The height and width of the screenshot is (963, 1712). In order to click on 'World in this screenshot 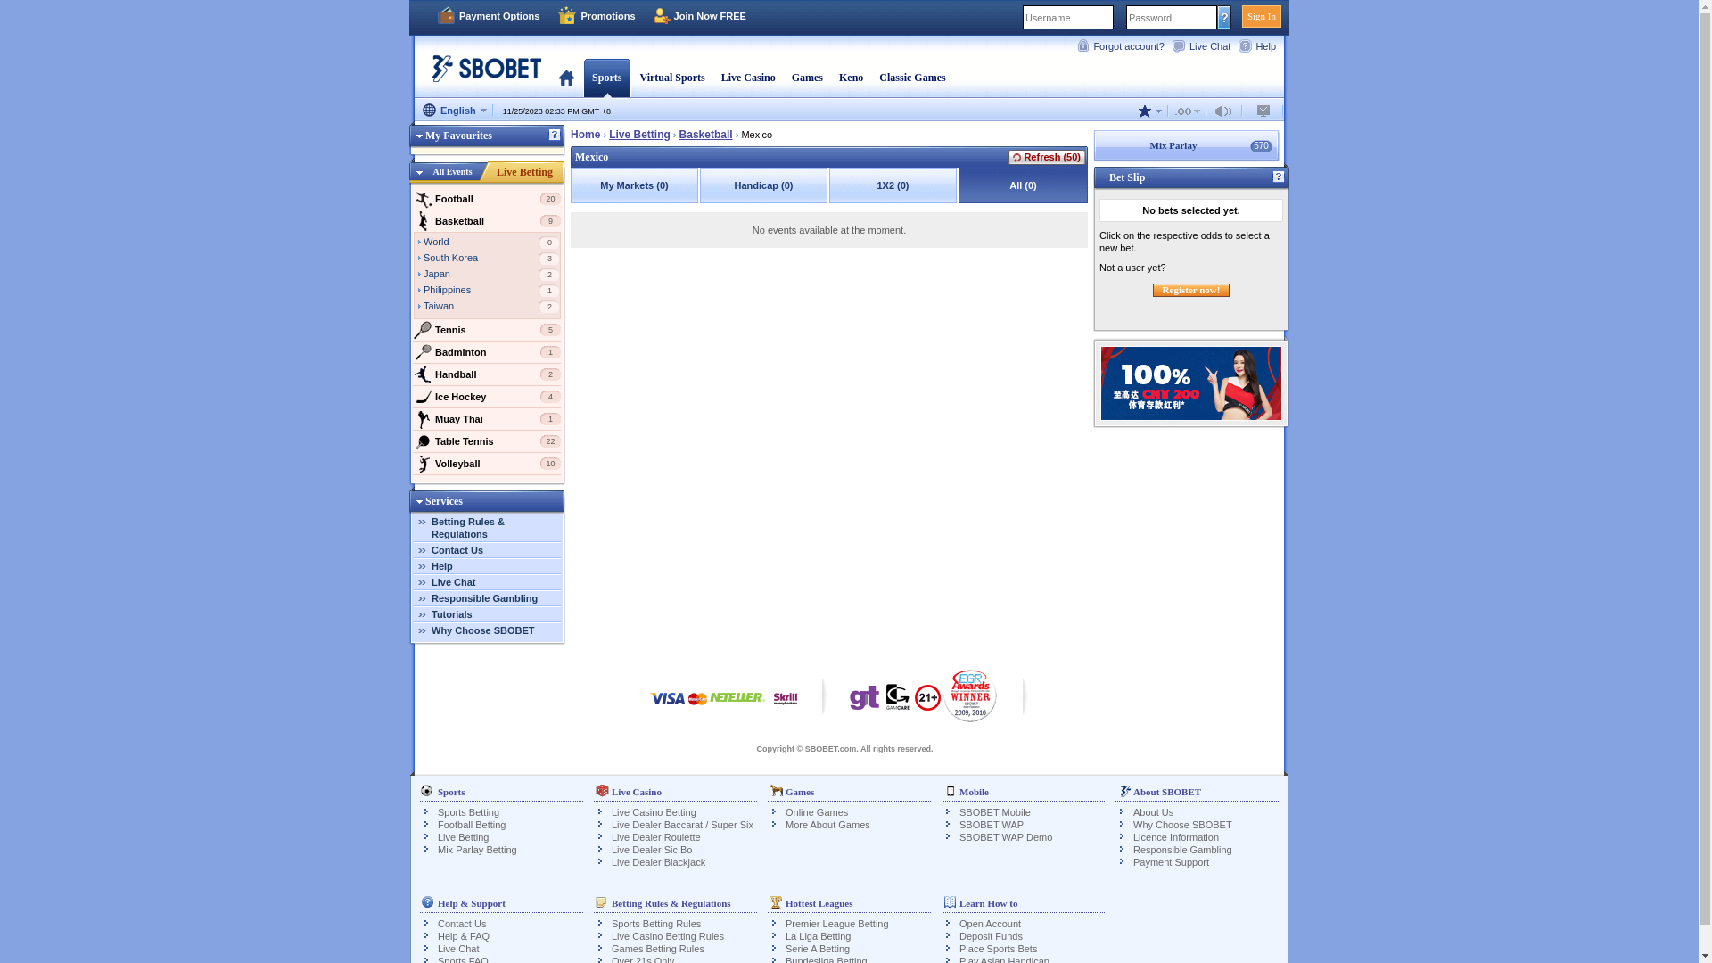, I will do `click(491, 243)`.